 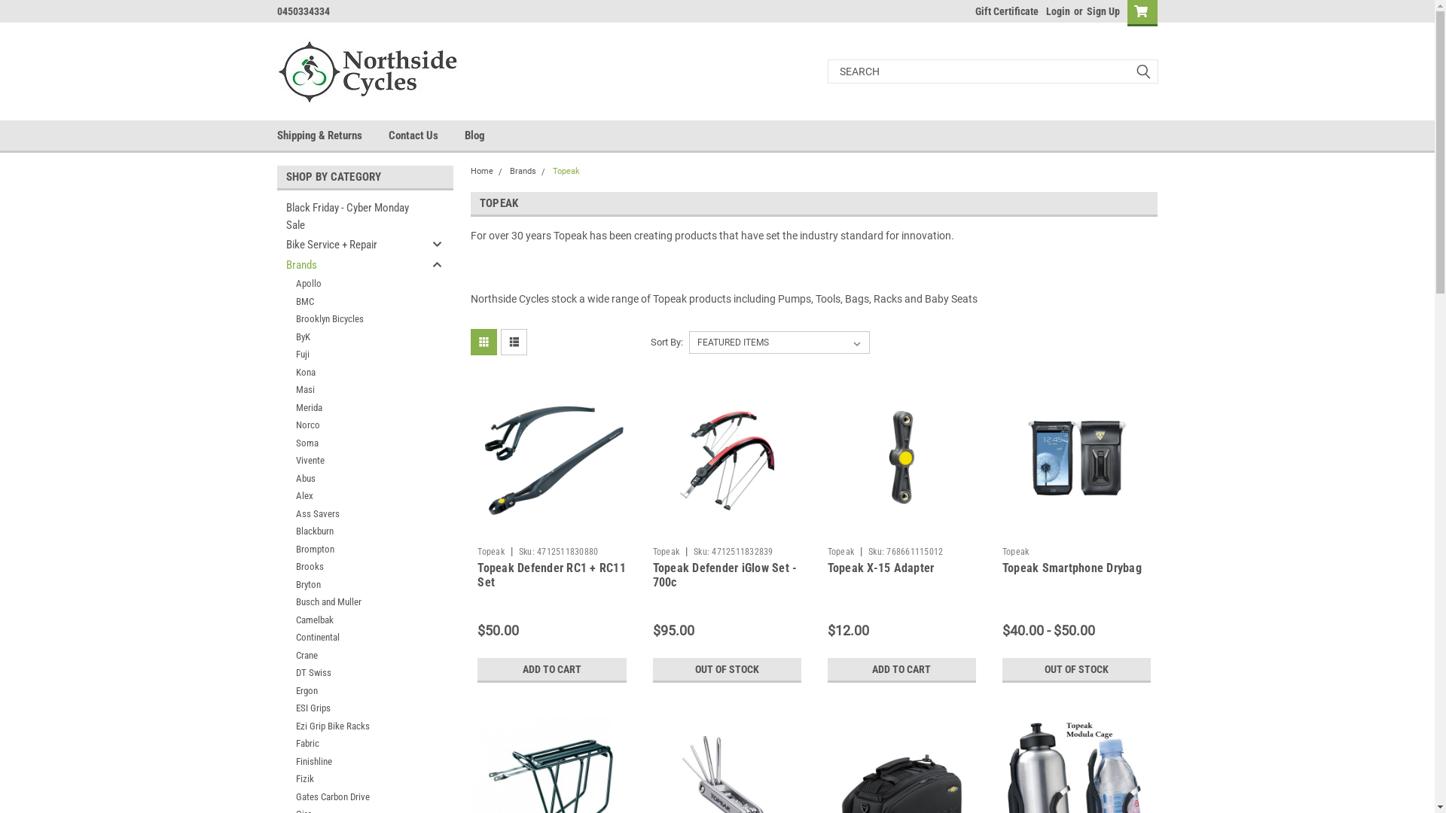 What do you see at coordinates (351, 513) in the screenshot?
I see `'Ass Savers'` at bounding box center [351, 513].